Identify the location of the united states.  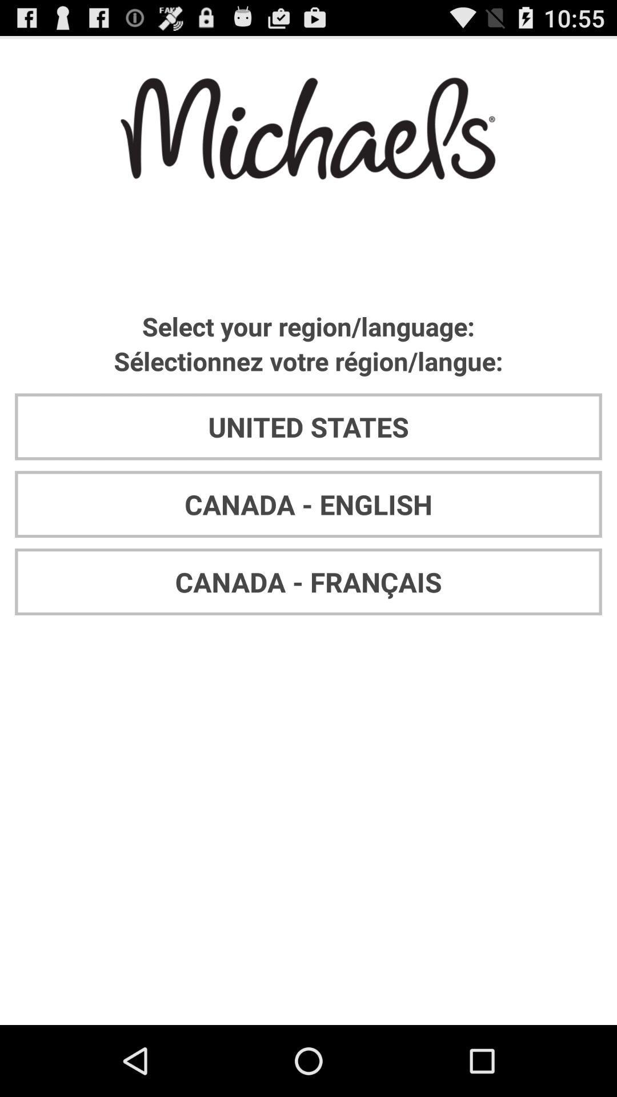
(308, 426).